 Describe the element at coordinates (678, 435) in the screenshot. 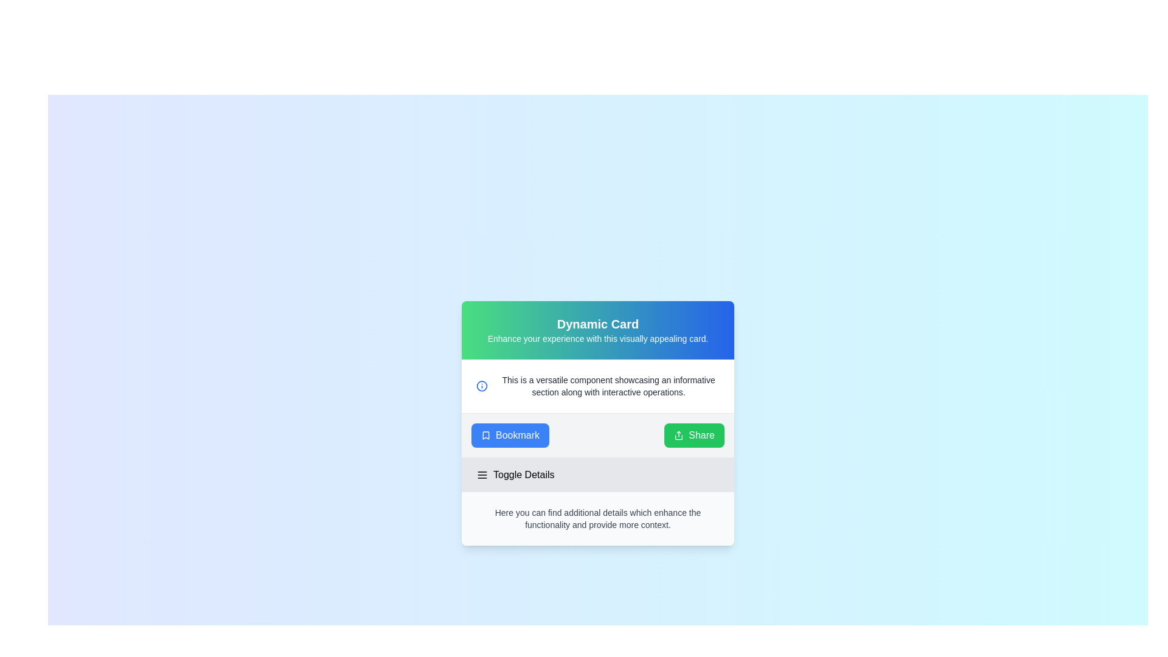

I see `the green square share icon located to the left of the 'Share' text` at that location.